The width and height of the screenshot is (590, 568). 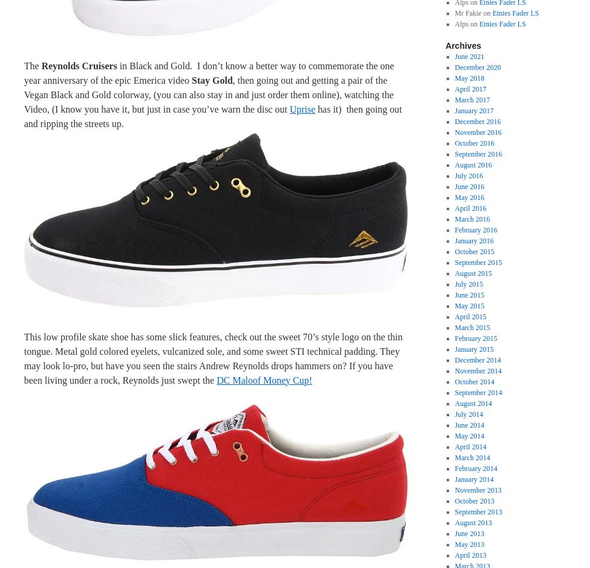 What do you see at coordinates (475, 229) in the screenshot?
I see `'February 2016'` at bounding box center [475, 229].